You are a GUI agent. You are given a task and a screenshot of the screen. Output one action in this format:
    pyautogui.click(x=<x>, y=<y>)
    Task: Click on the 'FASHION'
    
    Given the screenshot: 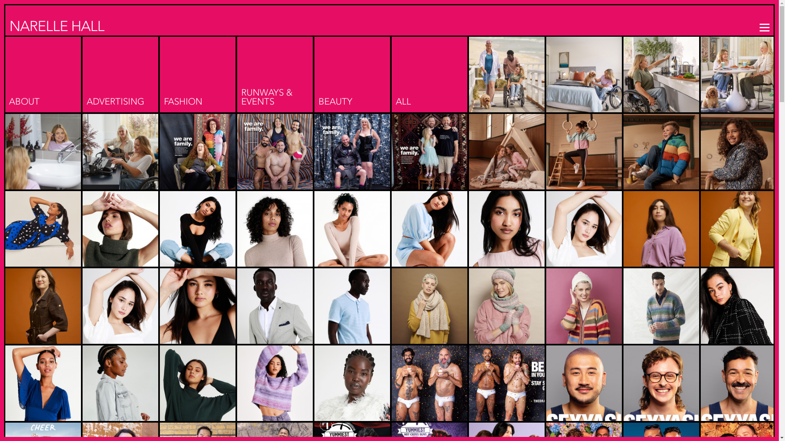 What is the action you would take?
    pyautogui.click(x=159, y=69)
    